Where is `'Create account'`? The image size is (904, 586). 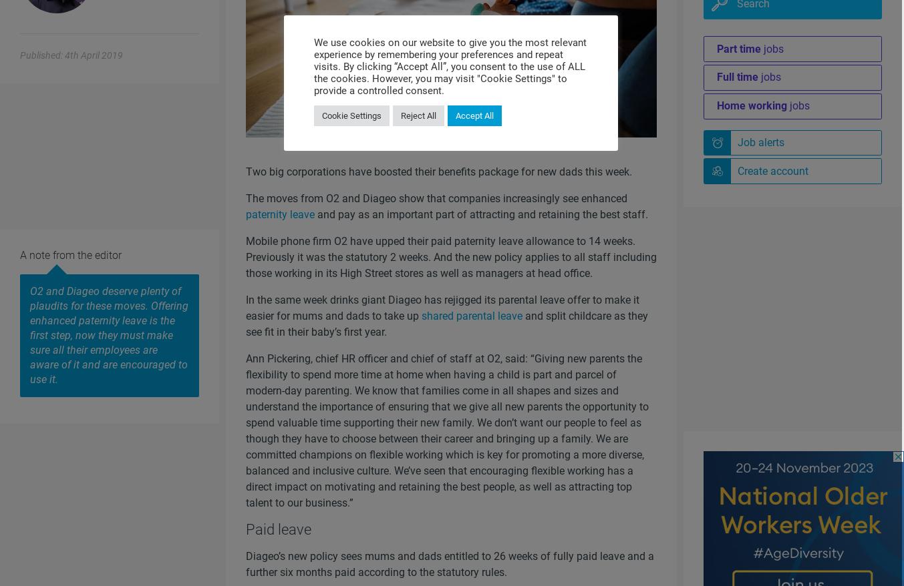 'Create account' is located at coordinates (736, 170).